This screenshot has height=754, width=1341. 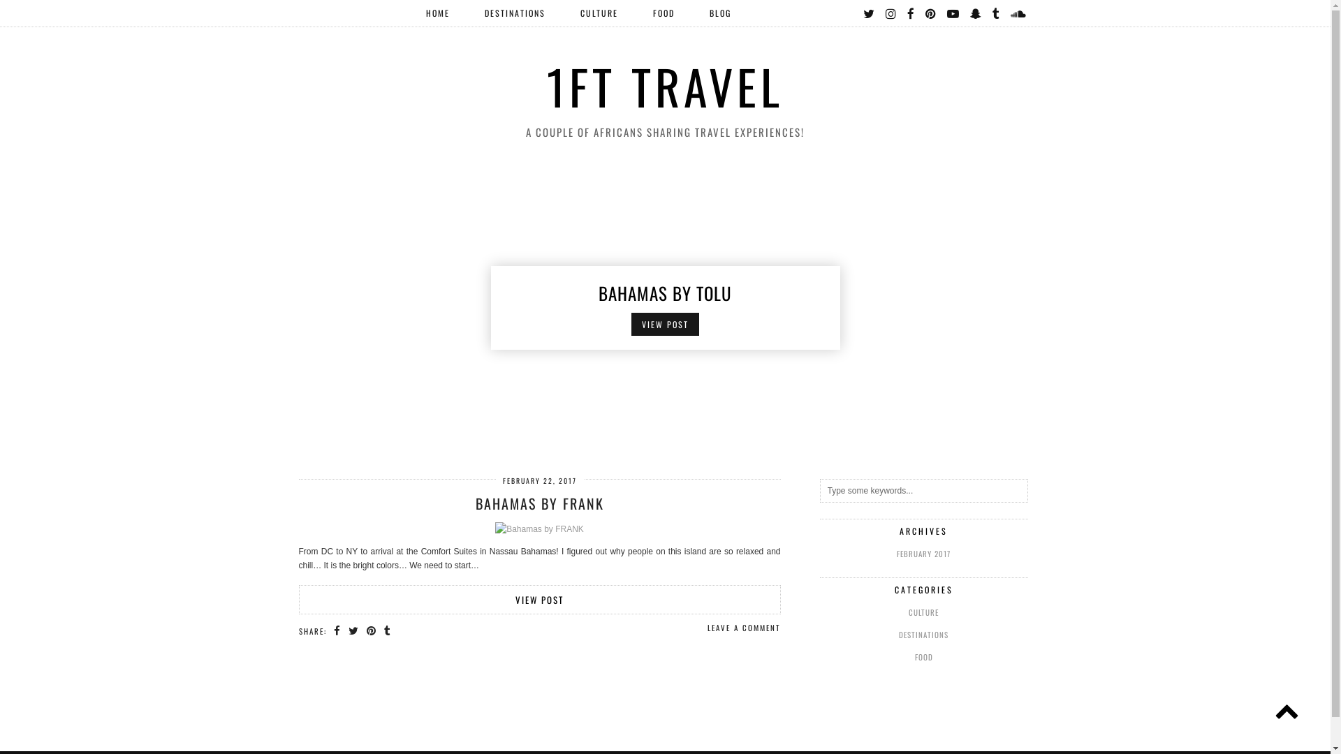 I want to click on 'FOOD', so click(x=820, y=657).